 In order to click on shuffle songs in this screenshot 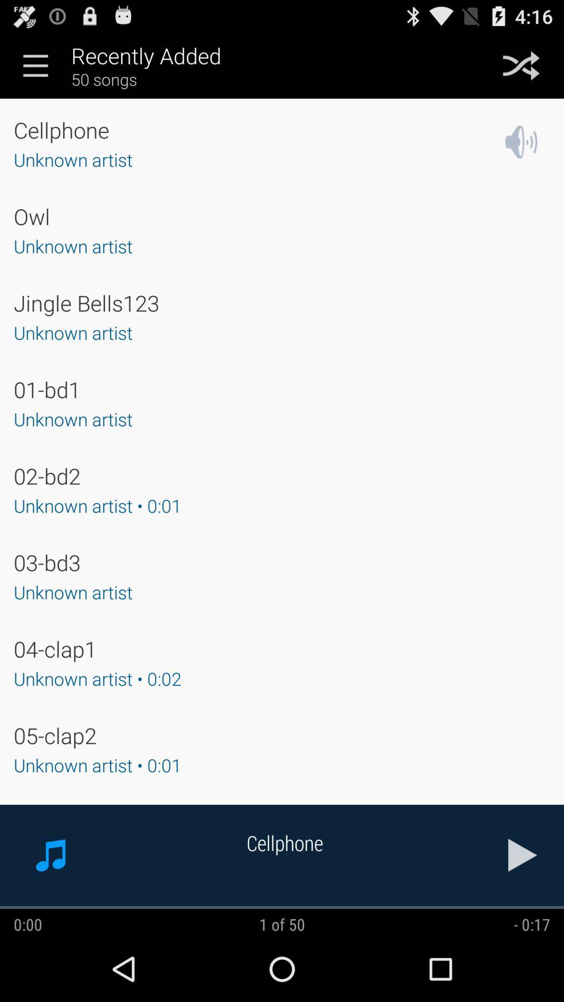, I will do `click(521, 65)`.